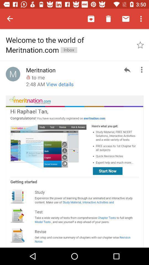 This screenshot has height=265, width=149. I want to click on the menu icon at the top right corner of the page, so click(142, 19).